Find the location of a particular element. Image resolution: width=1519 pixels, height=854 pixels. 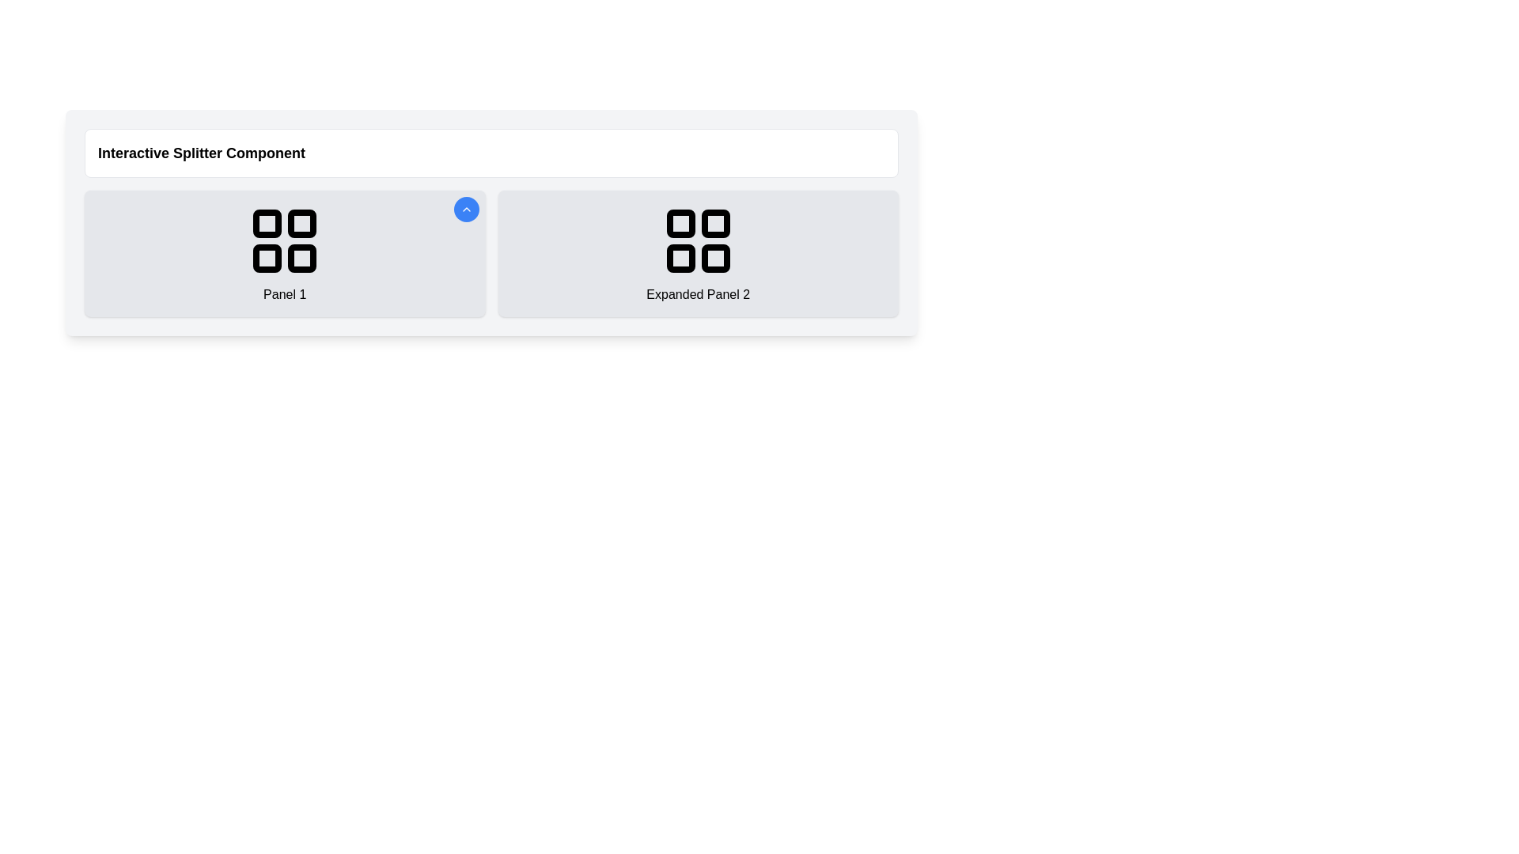

the top-left grid cell in the 2x2 grid layout within the 'Expanded Panel 2' region is located at coordinates (680, 223).